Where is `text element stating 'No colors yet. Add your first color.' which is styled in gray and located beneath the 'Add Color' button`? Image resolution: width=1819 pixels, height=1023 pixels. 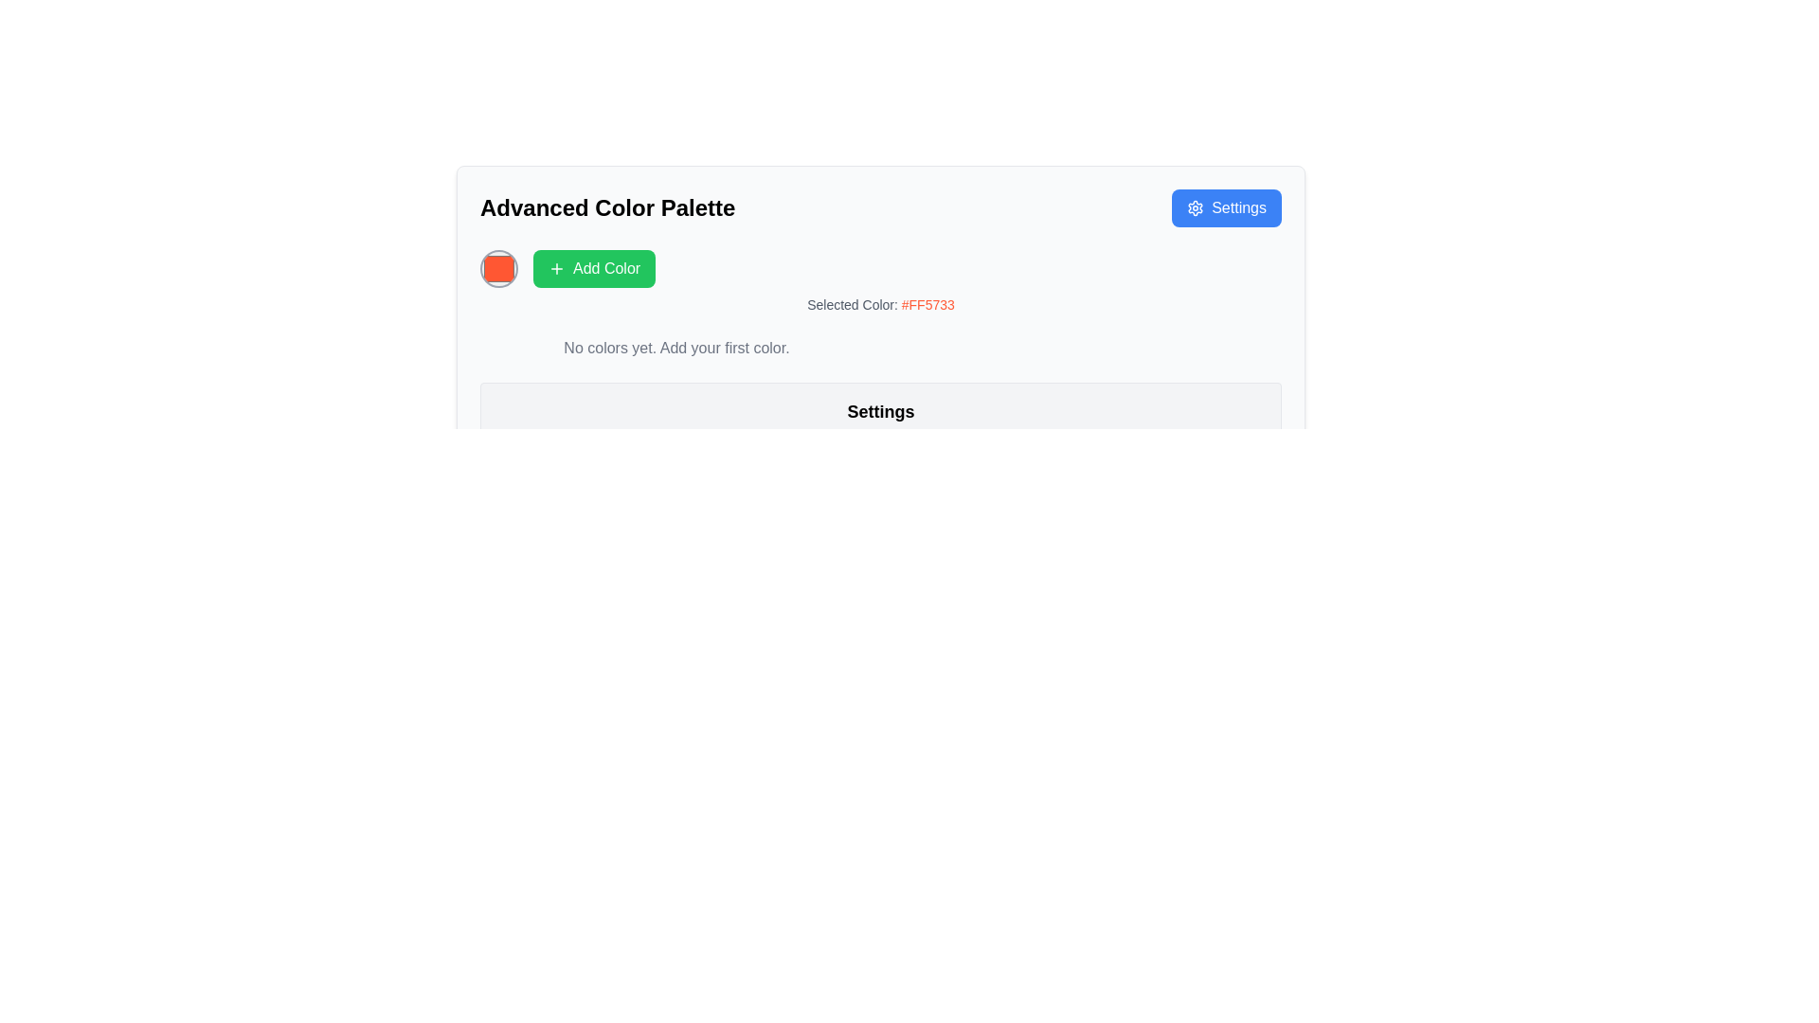 text element stating 'No colors yet. Add your first color.' which is styled in gray and located beneath the 'Add Color' button is located at coordinates (676, 348).